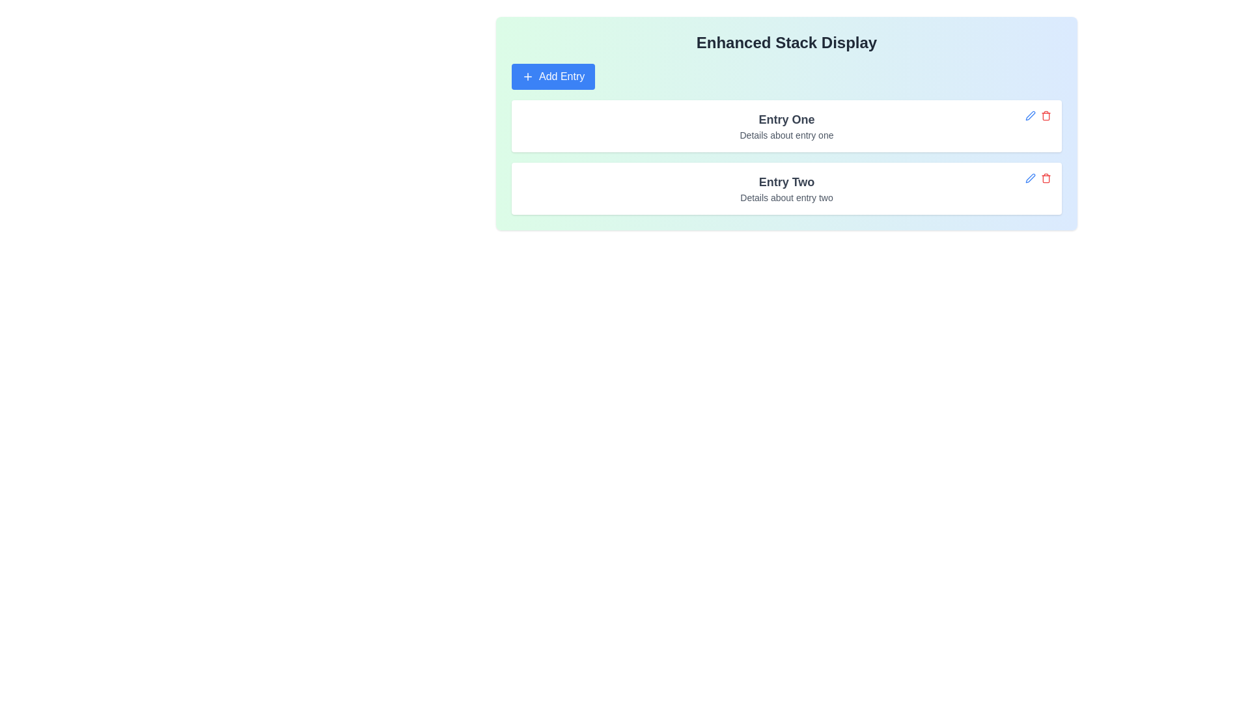 This screenshot has height=703, width=1250. I want to click on the primary title or heading for the second entry in the list, which is positioned just below 'Entry One' and above 'Details about entry two', so click(786, 182).